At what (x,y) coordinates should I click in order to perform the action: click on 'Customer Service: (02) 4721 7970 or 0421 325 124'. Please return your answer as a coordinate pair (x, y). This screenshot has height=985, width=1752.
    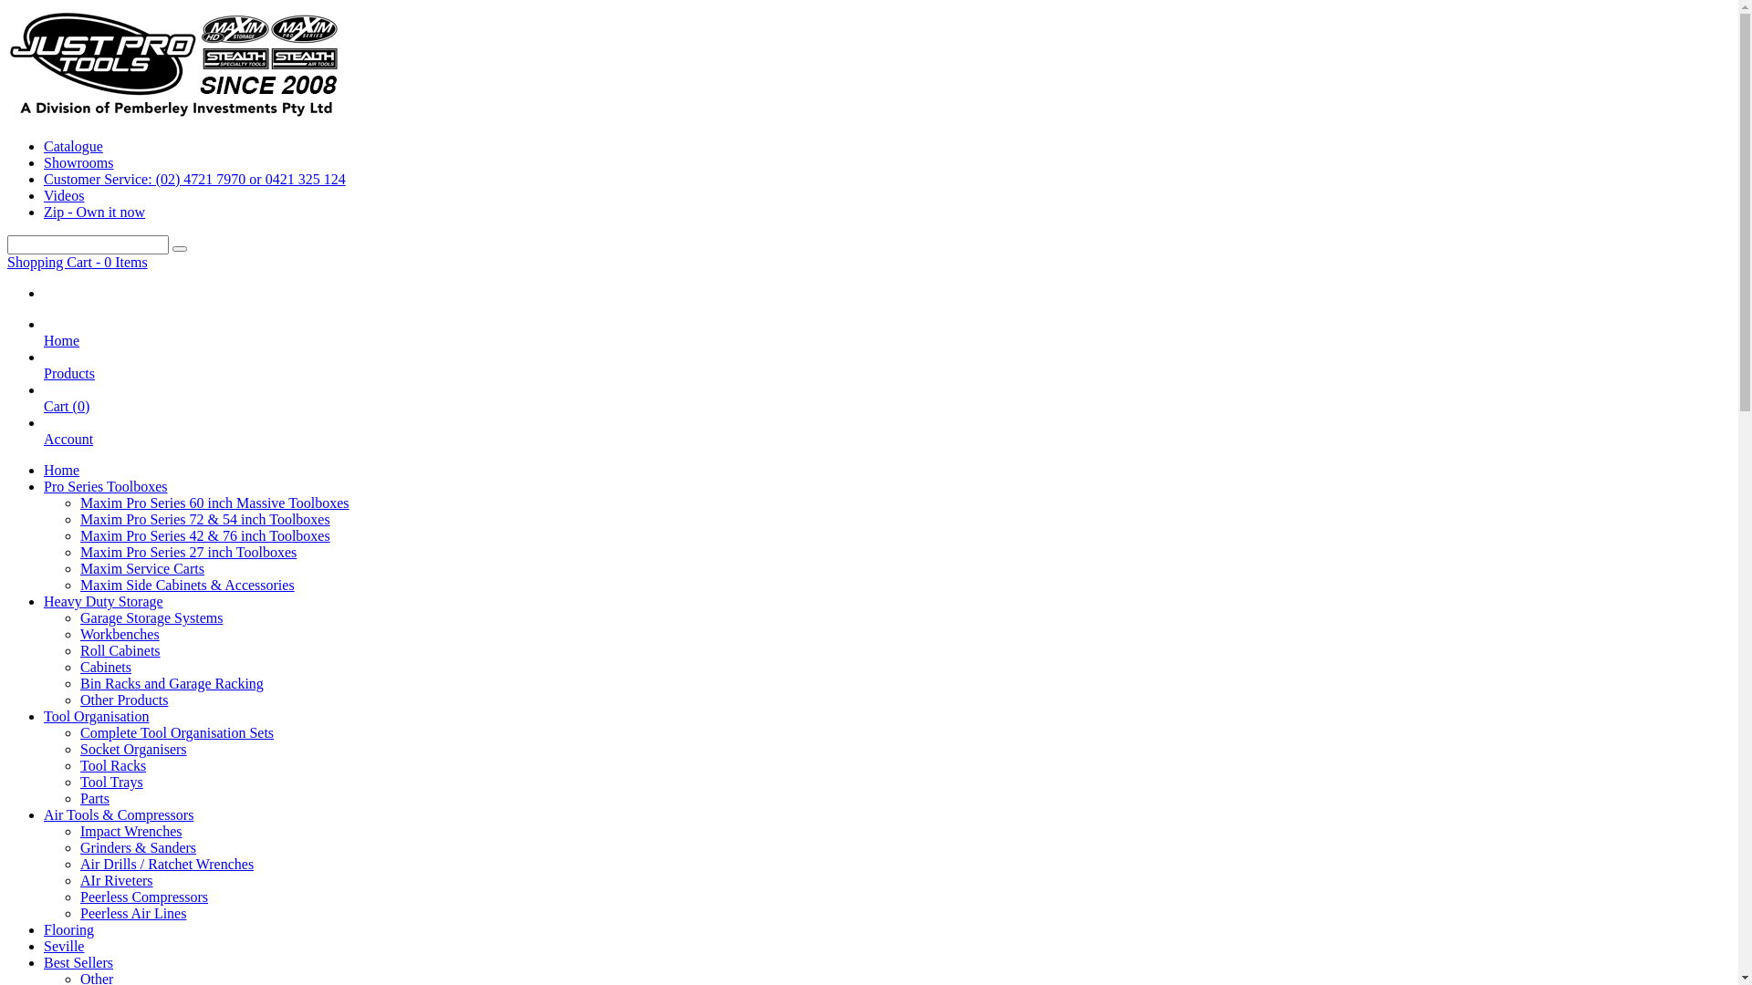
    Looking at the image, I should click on (44, 179).